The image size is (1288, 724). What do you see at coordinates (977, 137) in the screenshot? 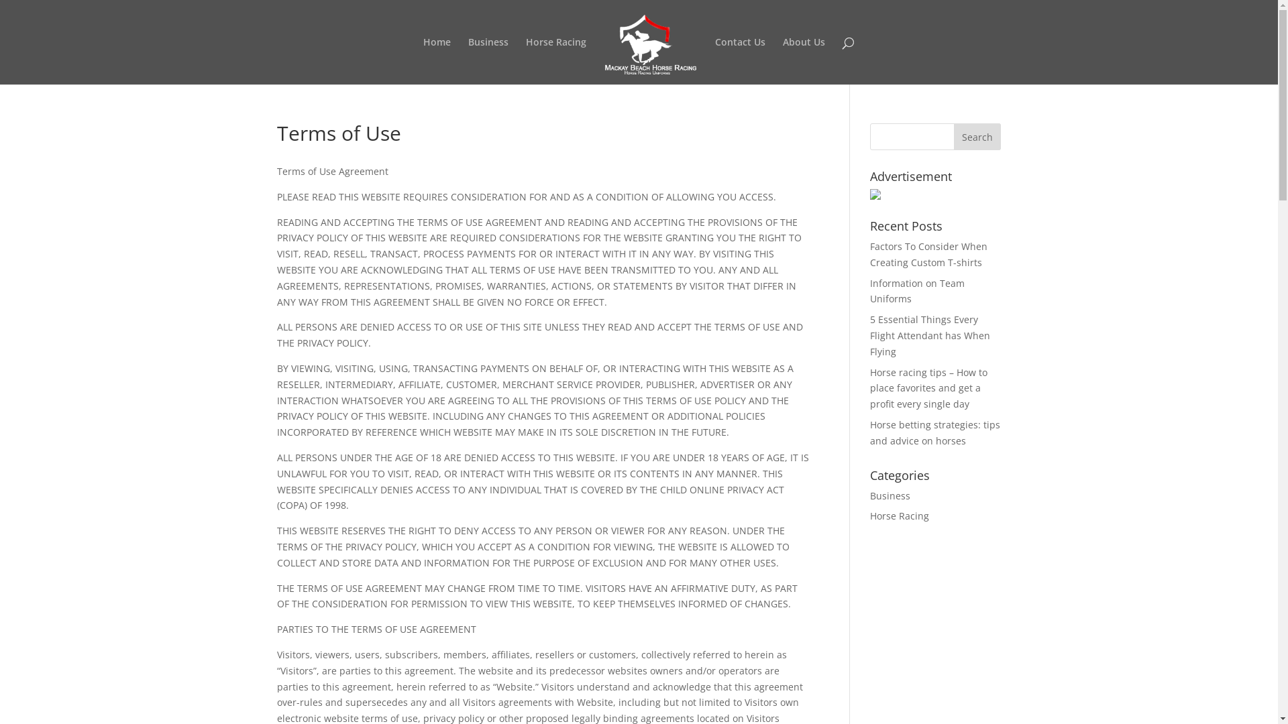
I see `'Search'` at bounding box center [977, 137].